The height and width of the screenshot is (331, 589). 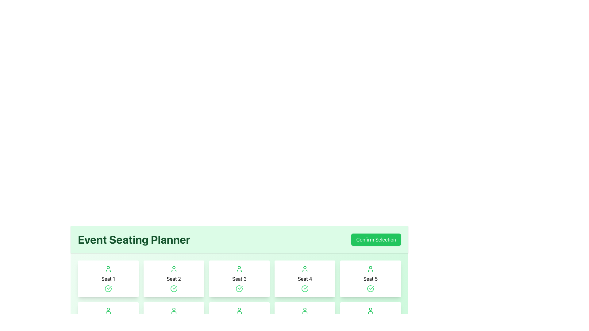 What do you see at coordinates (108, 288) in the screenshot?
I see `the icon representing the selected seating option with a green check mark, located within the 'Seat 1' card` at bounding box center [108, 288].